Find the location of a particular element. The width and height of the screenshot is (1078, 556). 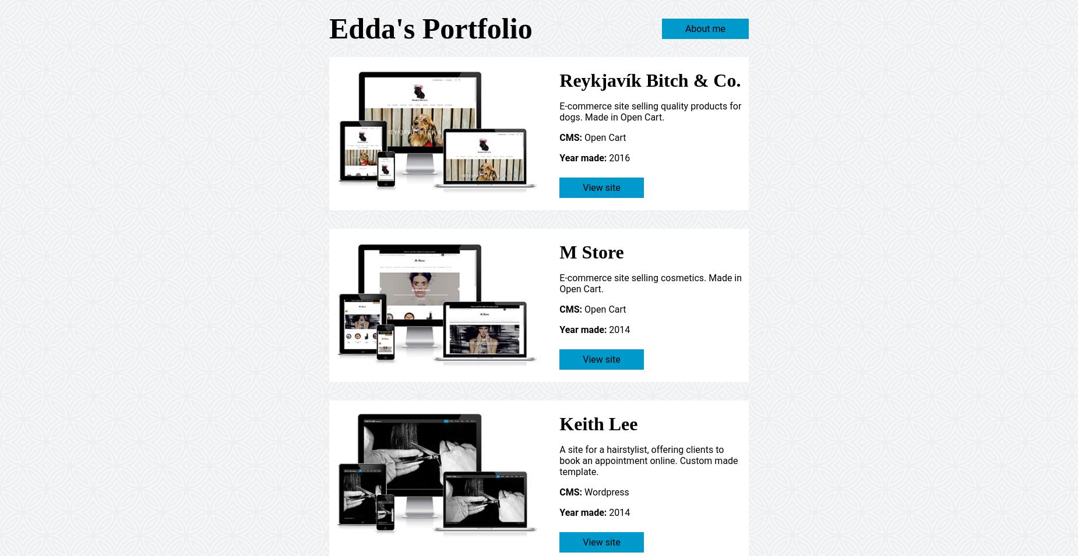

'A site for a hairstylist, offering clients to book an appointment online. Custom made template.' is located at coordinates (558, 459).